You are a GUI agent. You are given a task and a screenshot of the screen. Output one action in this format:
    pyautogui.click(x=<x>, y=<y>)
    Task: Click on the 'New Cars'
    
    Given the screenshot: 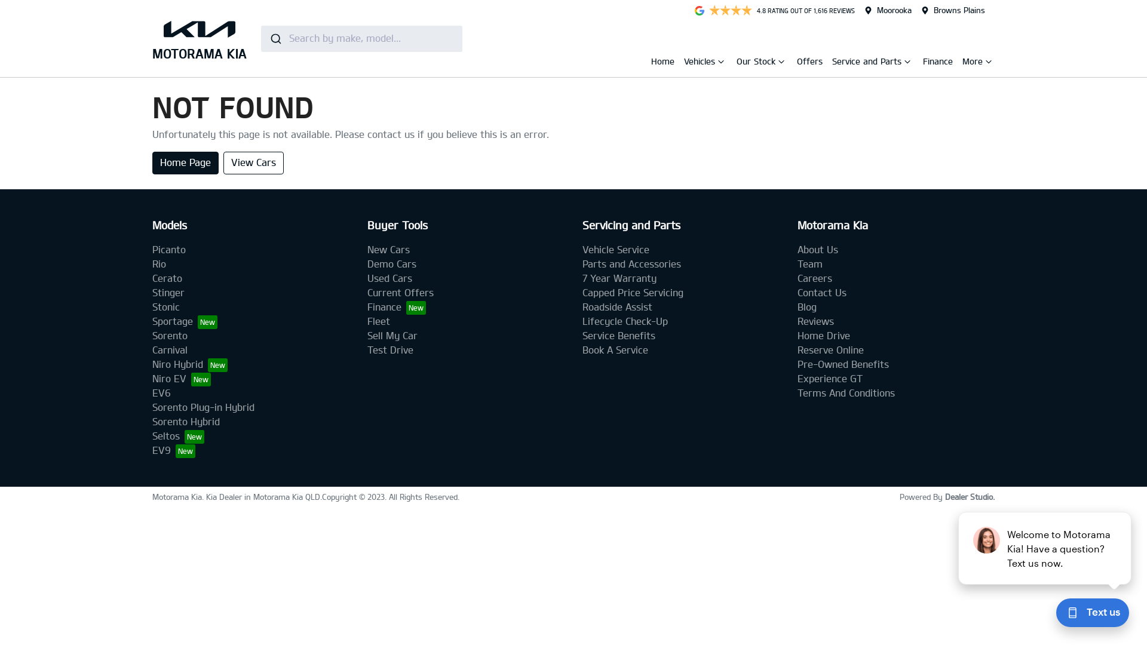 What is the action you would take?
    pyautogui.click(x=388, y=249)
    